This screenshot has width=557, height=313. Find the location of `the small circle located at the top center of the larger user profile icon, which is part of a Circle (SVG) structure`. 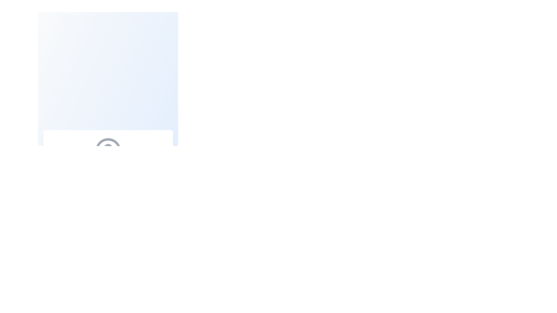

the small circle located at the top center of the larger user profile icon, which is part of a Circle (SVG) structure is located at coordinates (108, 148).